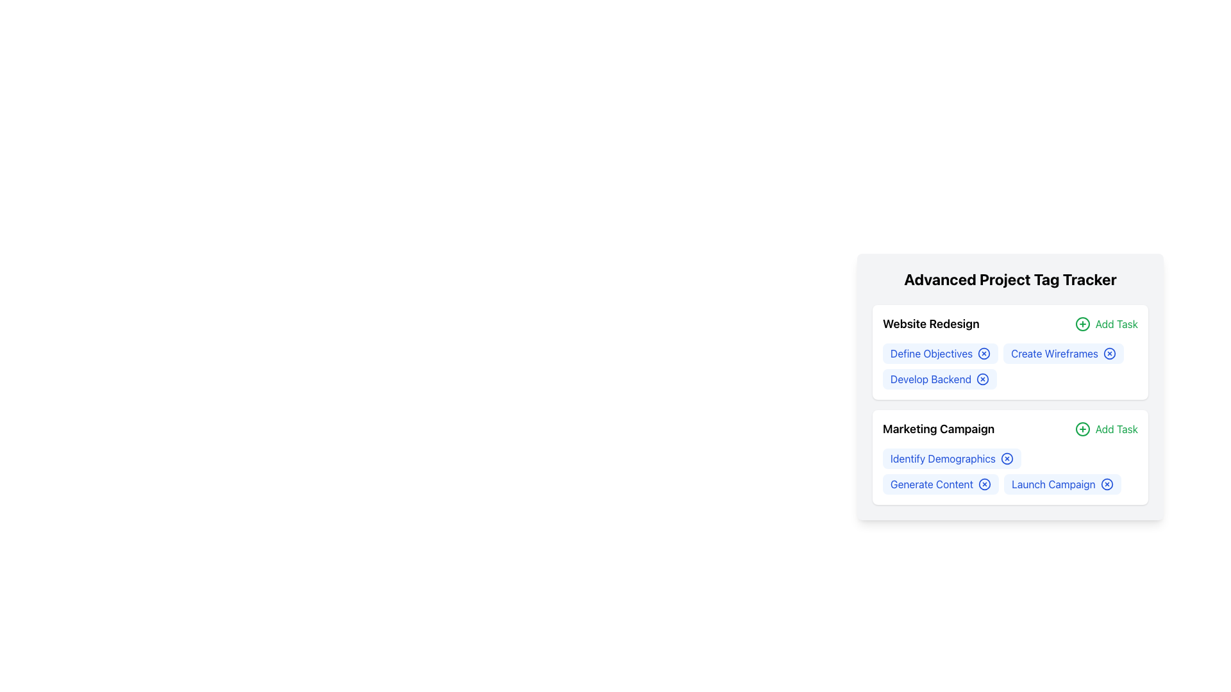 The image size is (1231, 692). Describe the element at coordinates (1007, 458) in the screenshot. I see `the close button (symbol-based interactive icon) next to the 'Identify Demographics' task in the 'Marketing Campaign' section` at that location.